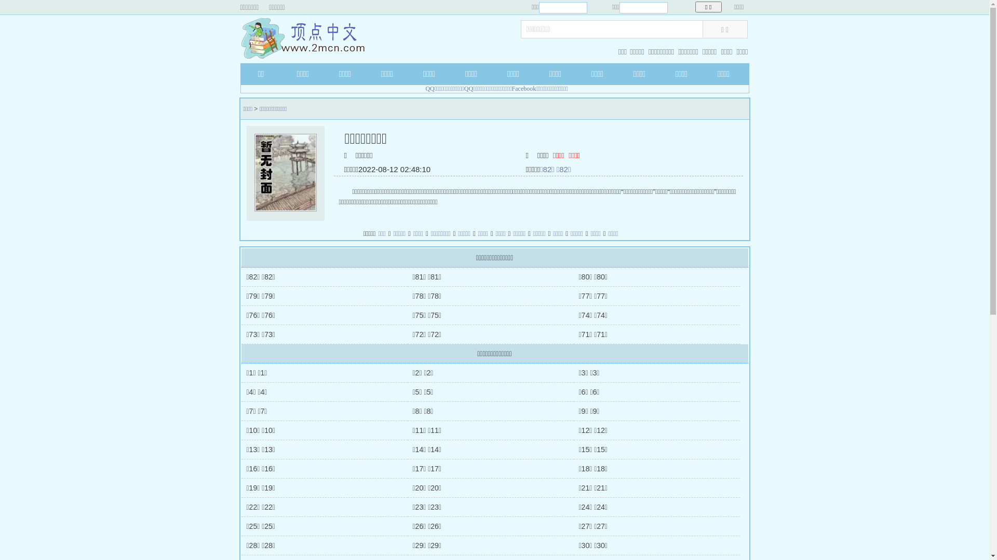 This screenshot has width=997, height=560. What do you see at coordinates (524, 88) in the screenshot?
I see `'Facebook'` at bounding box center [524, 88].